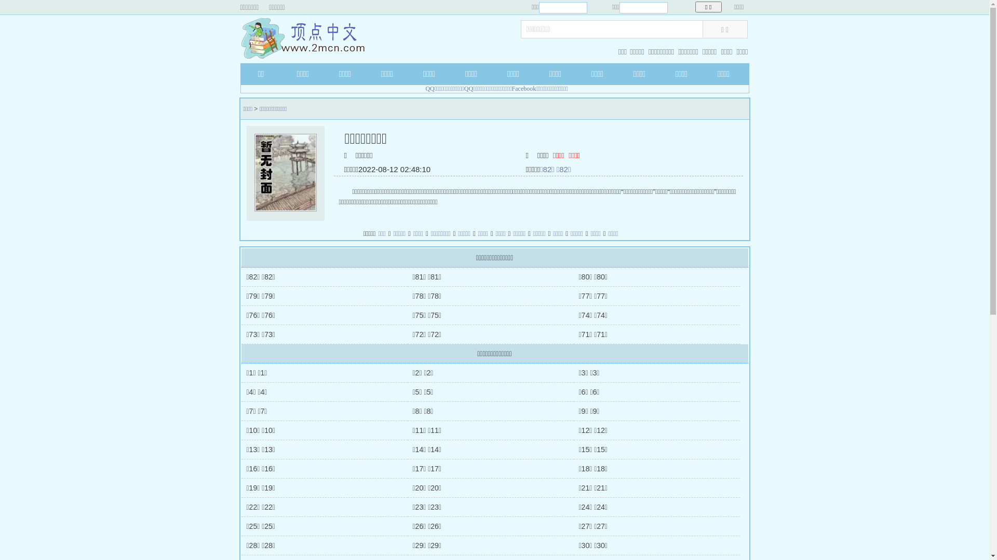 This screenshot has width=997, height=560. What do you see at coordinates (524, 88) in the screenshot?
I see `'Facebook'` at bounding box center [524, 88].